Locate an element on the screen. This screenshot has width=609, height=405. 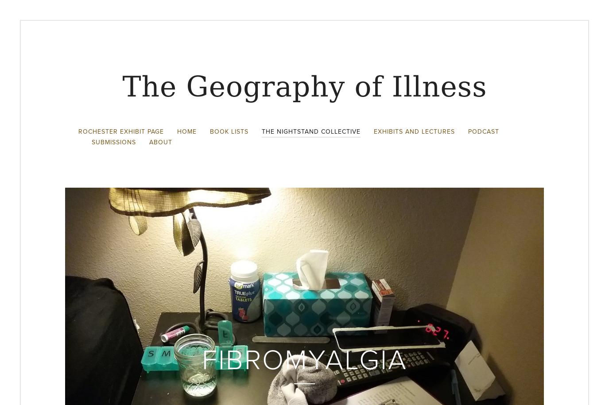
'The Nightstand Collective' is located at coordinates (261, 131).